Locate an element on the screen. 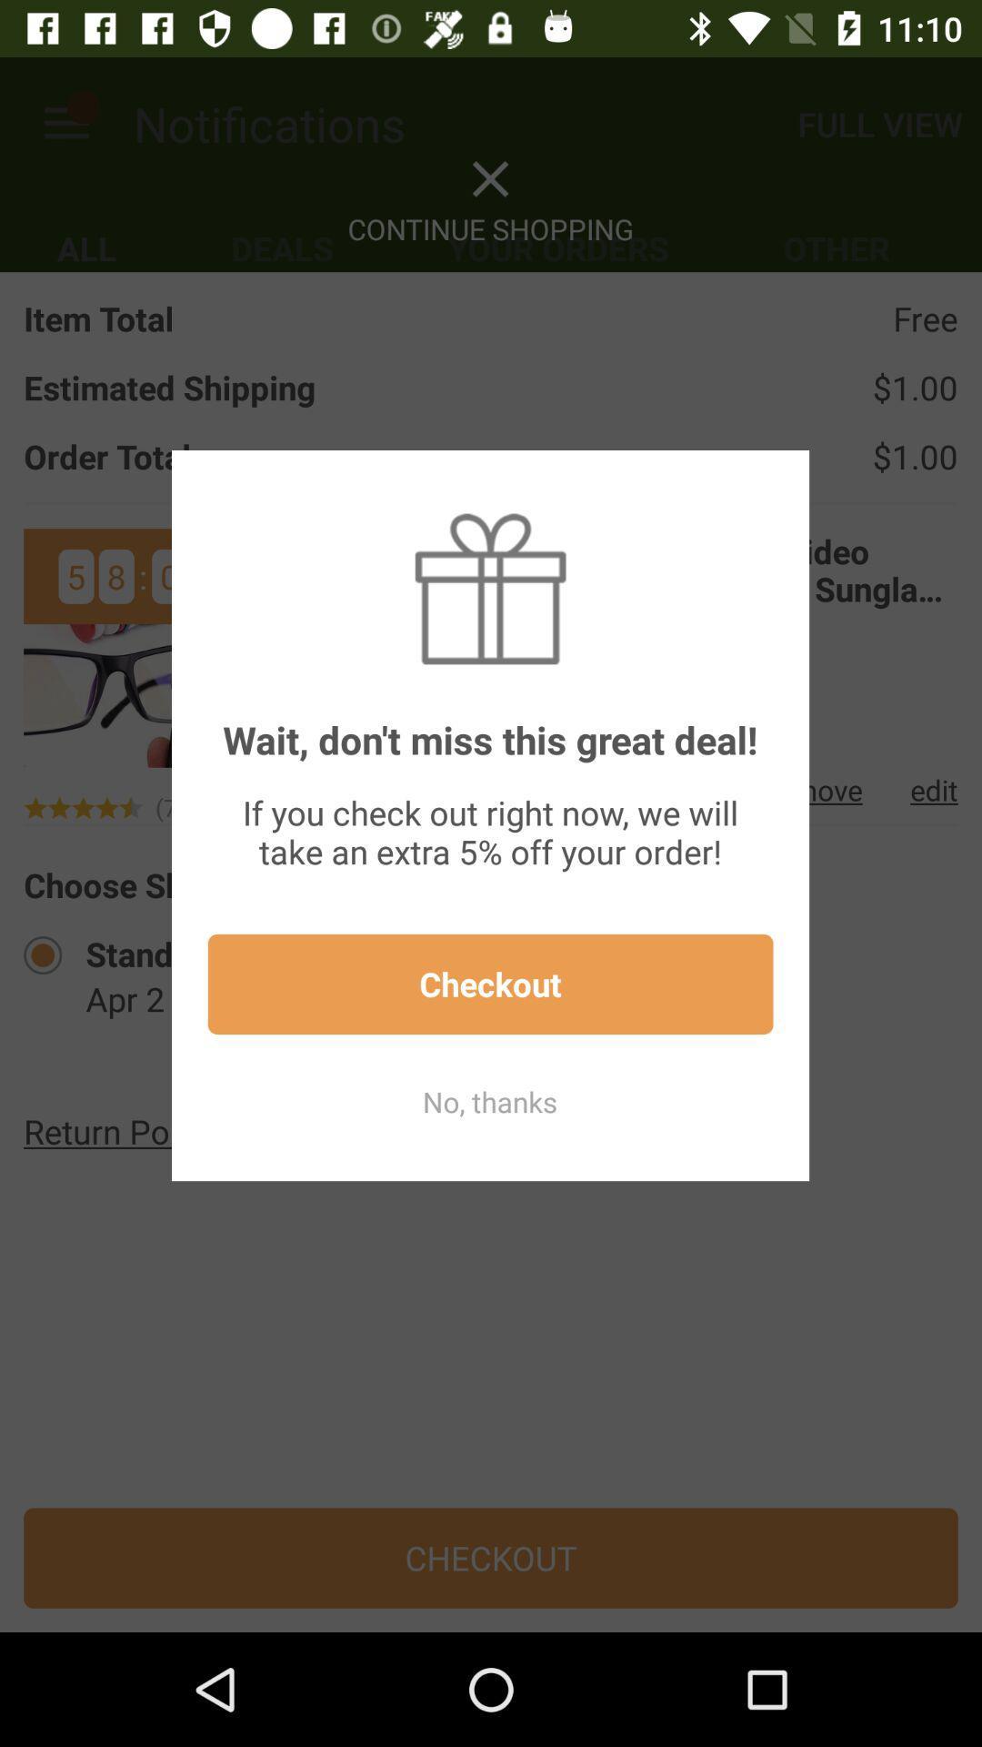 This screenshot has height=1747, width=982. the item below the if you check is located at coordinates (489, 983).